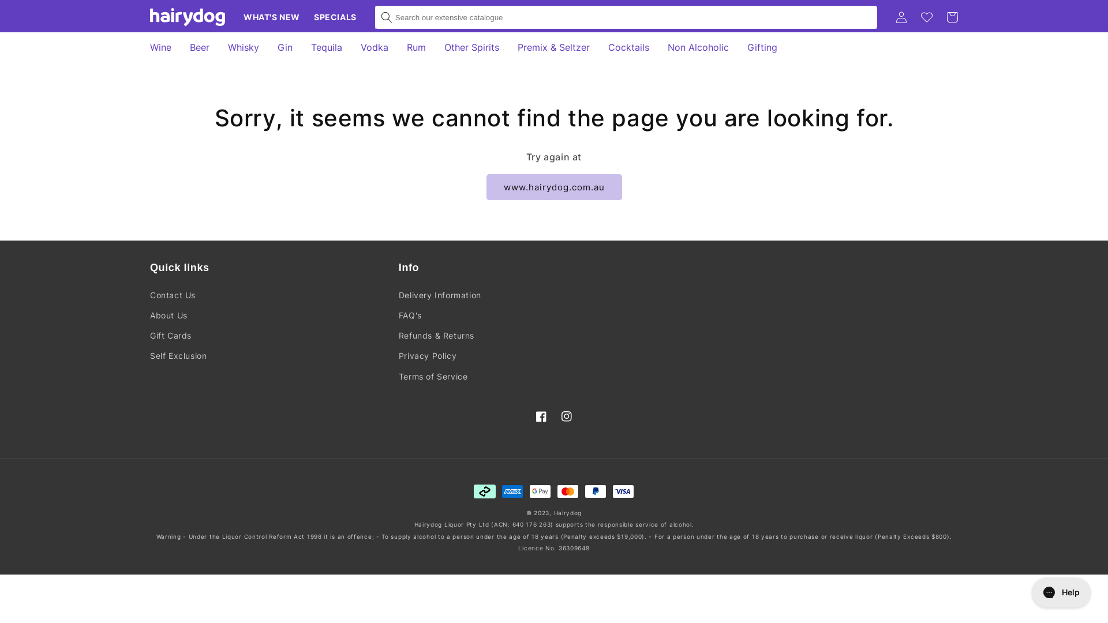 The image size is (1108, 623). I want to click on 'Refunds & Returns', so click(436, 335).